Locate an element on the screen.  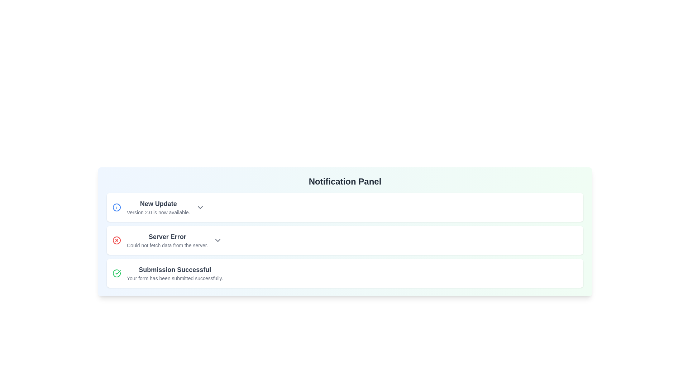
the text label indicating an error message related to server issues, located in the second card of the vertical list of notifications is located at coordinates (167, 236).